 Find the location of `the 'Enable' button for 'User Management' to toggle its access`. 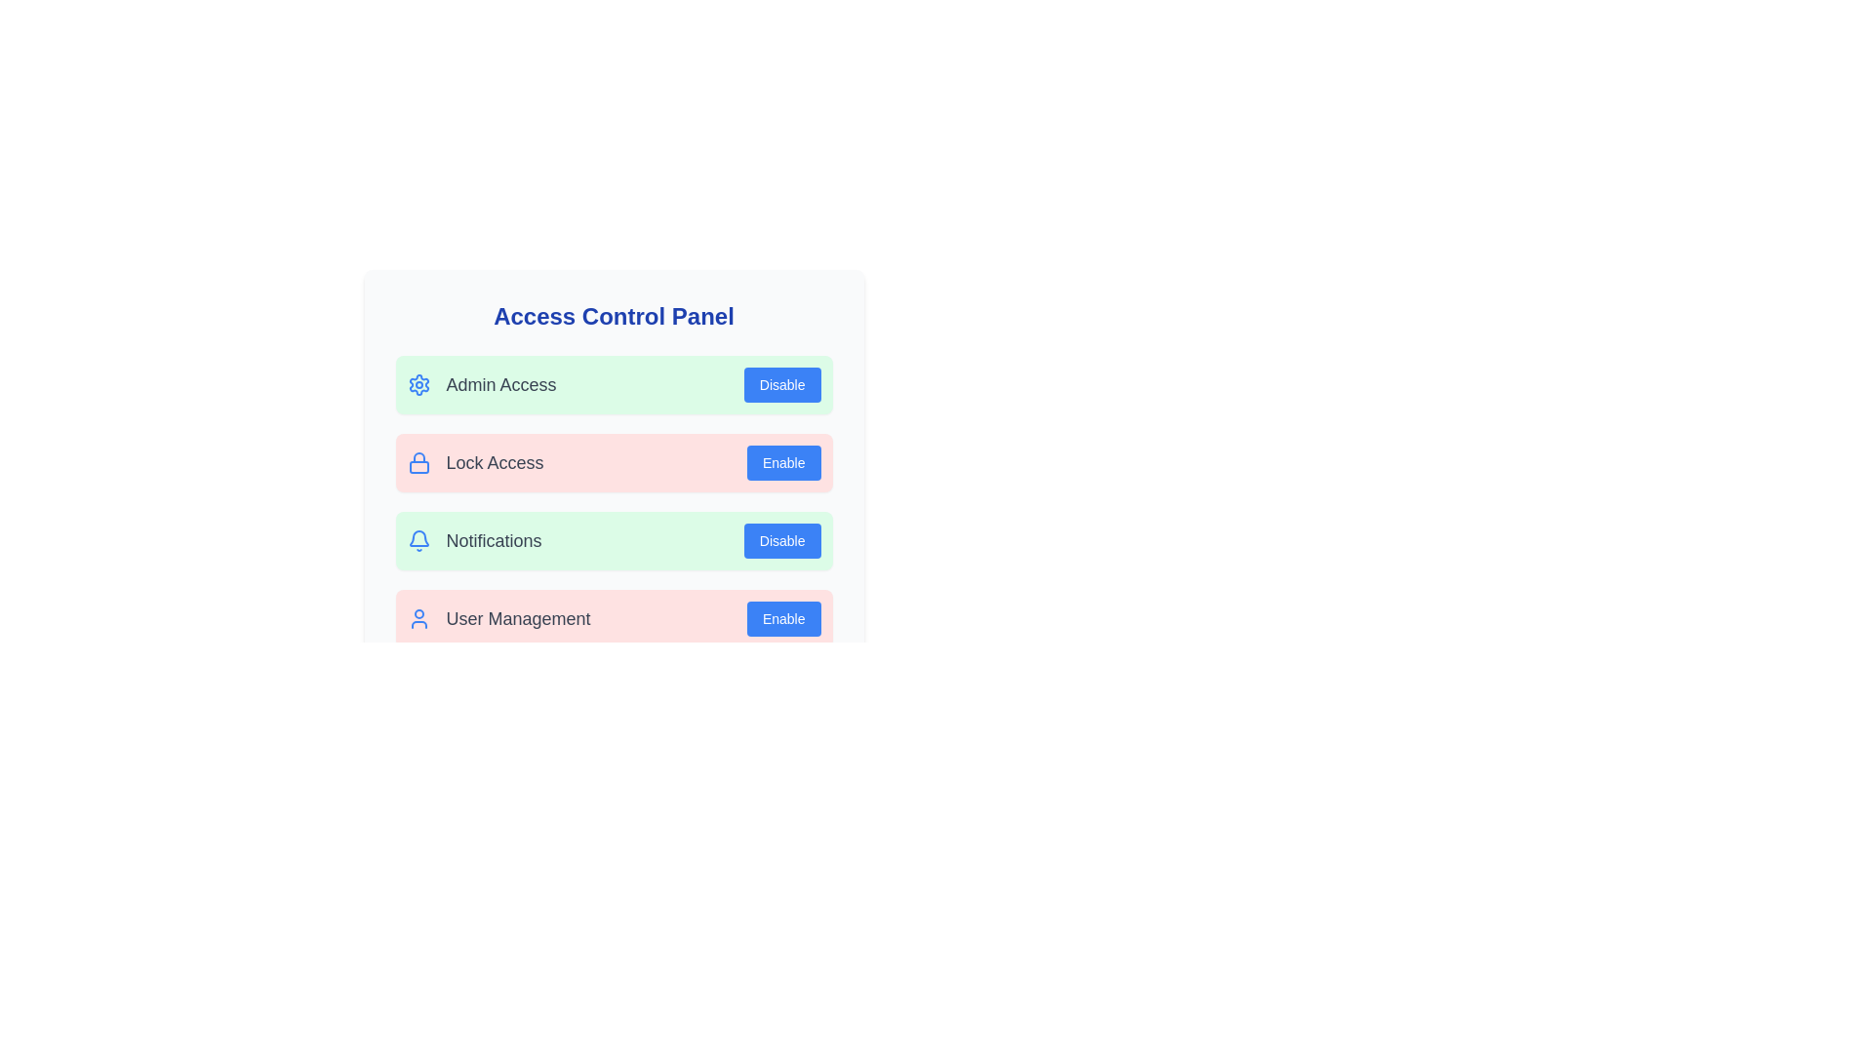

the 'Enable' button for 'User Management' to toggle its access is located at coordinates (783, 619).